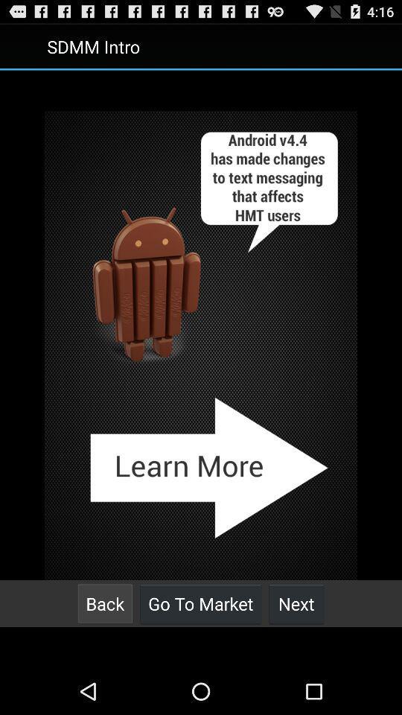 The width and height of the screenshot is (402, 715). I want to click on the button next to next icon, so click(200, 603).